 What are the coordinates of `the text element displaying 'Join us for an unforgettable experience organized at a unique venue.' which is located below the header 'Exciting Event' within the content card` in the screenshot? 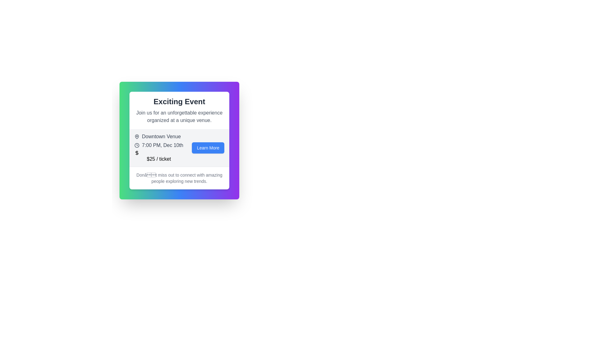 It's located at (179, 117).